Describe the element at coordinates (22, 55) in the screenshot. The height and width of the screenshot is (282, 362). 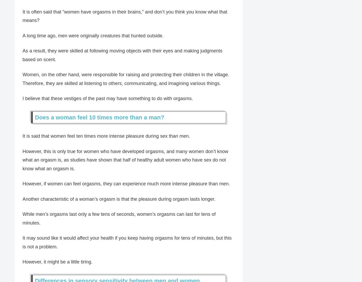
I see `'As a result, they were skilled at following moving objects with their eyes and making judgments based on scent.'` at that location.